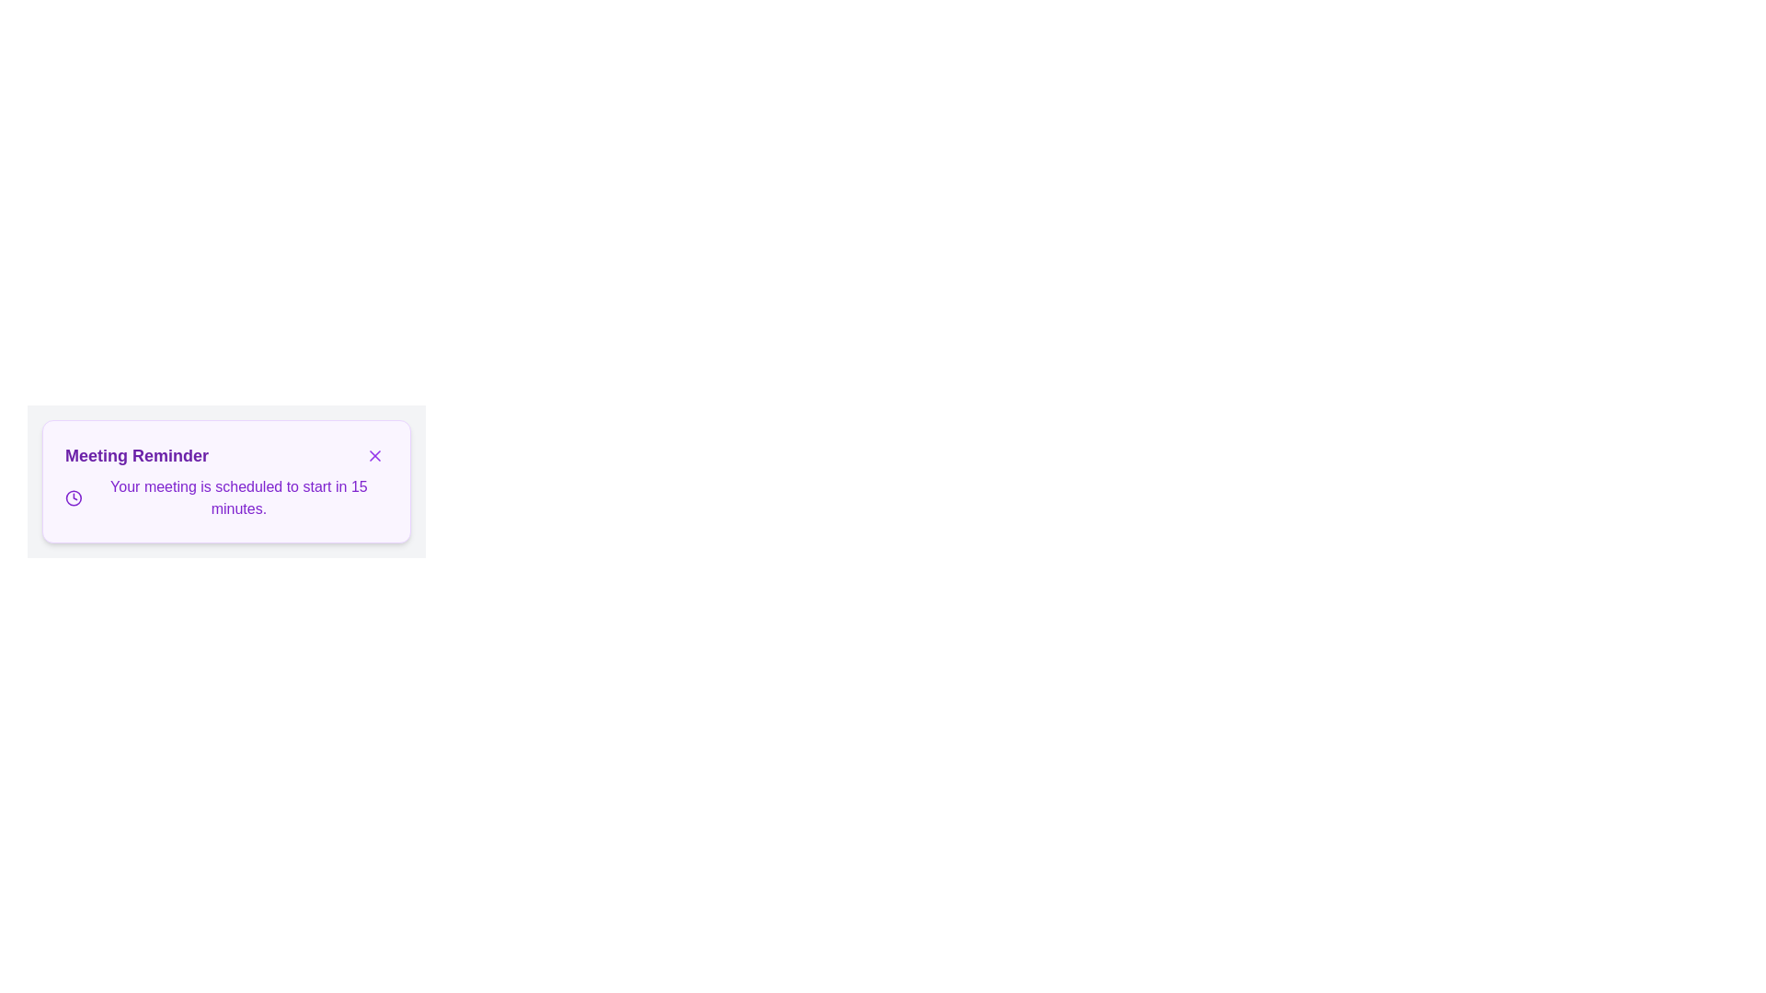 The width and height of the screenshot is (1766, 993). Describe the element at coordinates (374, 455) in the screenshot. I see `the close button to dismiss the notification` at that location.